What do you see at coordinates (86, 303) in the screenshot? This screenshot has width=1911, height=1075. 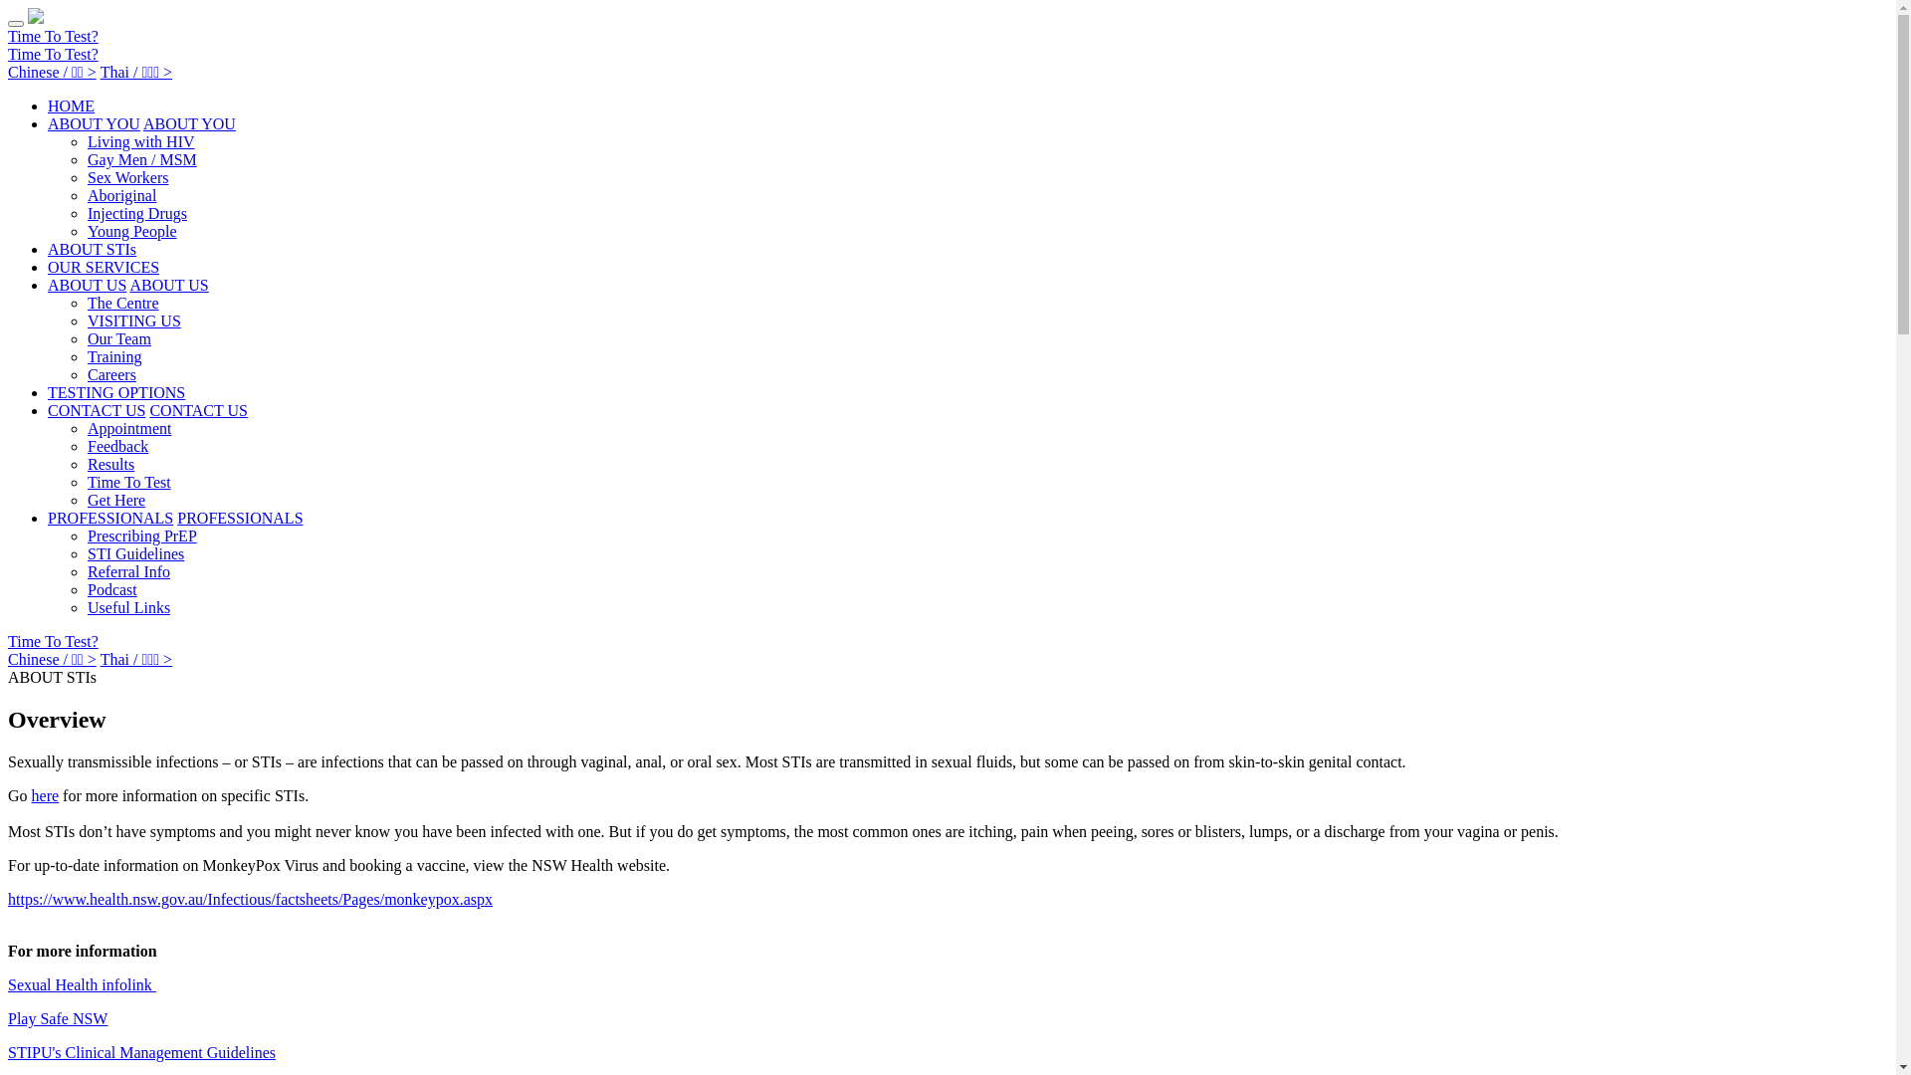 I see `'The Centre'` at bounding box center [86, 303].